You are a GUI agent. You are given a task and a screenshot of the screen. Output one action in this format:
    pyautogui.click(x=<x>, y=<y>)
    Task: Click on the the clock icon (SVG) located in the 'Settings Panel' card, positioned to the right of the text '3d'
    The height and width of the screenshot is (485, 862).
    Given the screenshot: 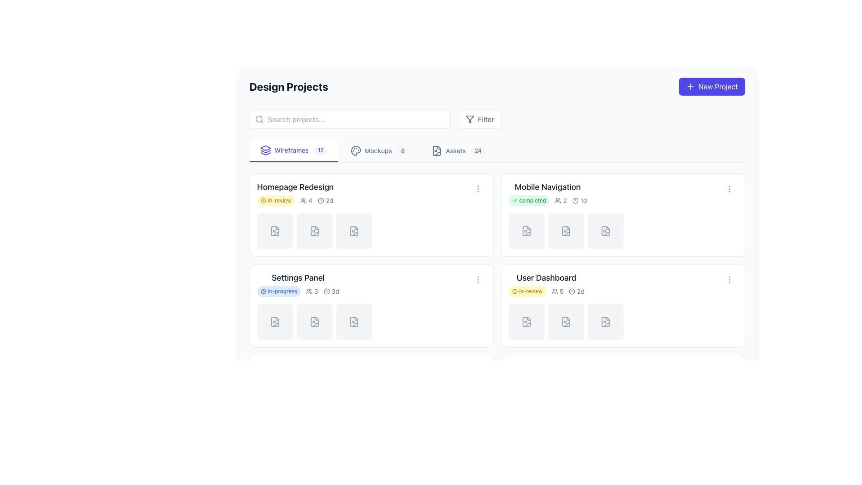 What is the action you would take?
    pyautogui.click(x=326, y=291)
    